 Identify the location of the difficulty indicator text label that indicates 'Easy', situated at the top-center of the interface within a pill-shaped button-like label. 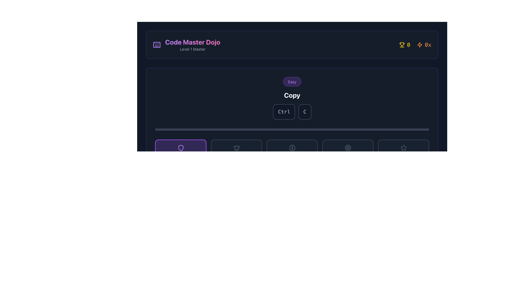
(292, 82).